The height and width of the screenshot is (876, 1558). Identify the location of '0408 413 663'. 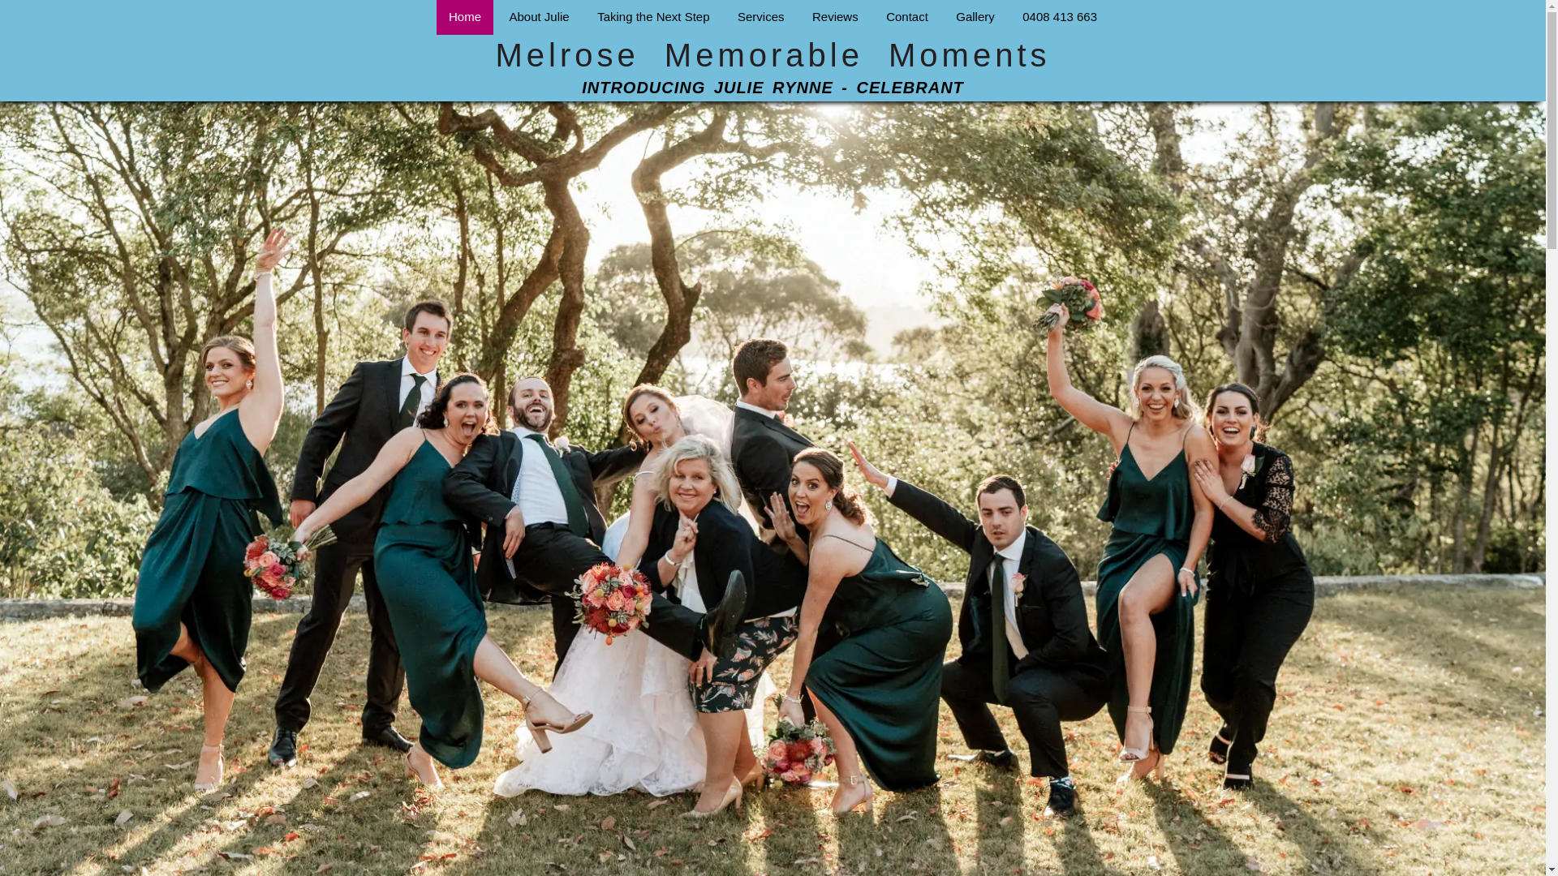
(1059, 17).